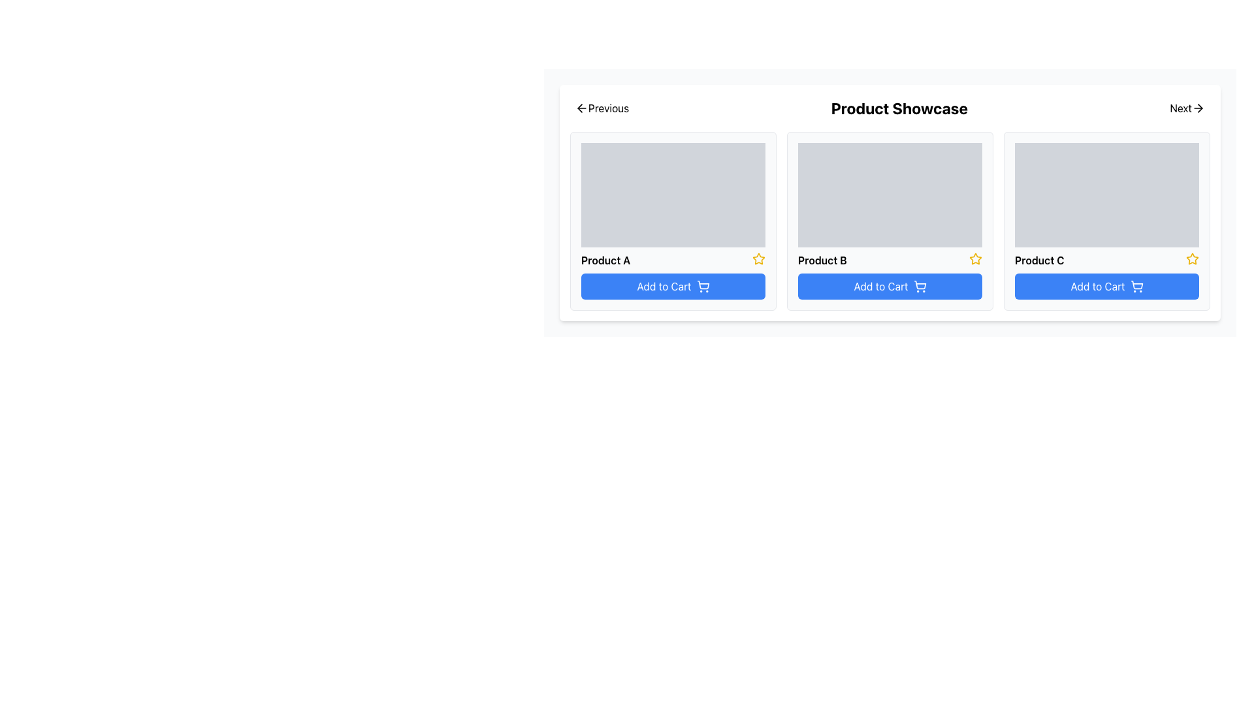 This screenshot has width=1254, height=705. Describe the element at coordinates (702, 284) in the screenshot. I see `the central portion of the shopping cart icon located within the blue 'Add to Cart' button, which is adjacent to the text 'Add to Cart' and positioned below 'Product A' in a three-column product grid` at that location.